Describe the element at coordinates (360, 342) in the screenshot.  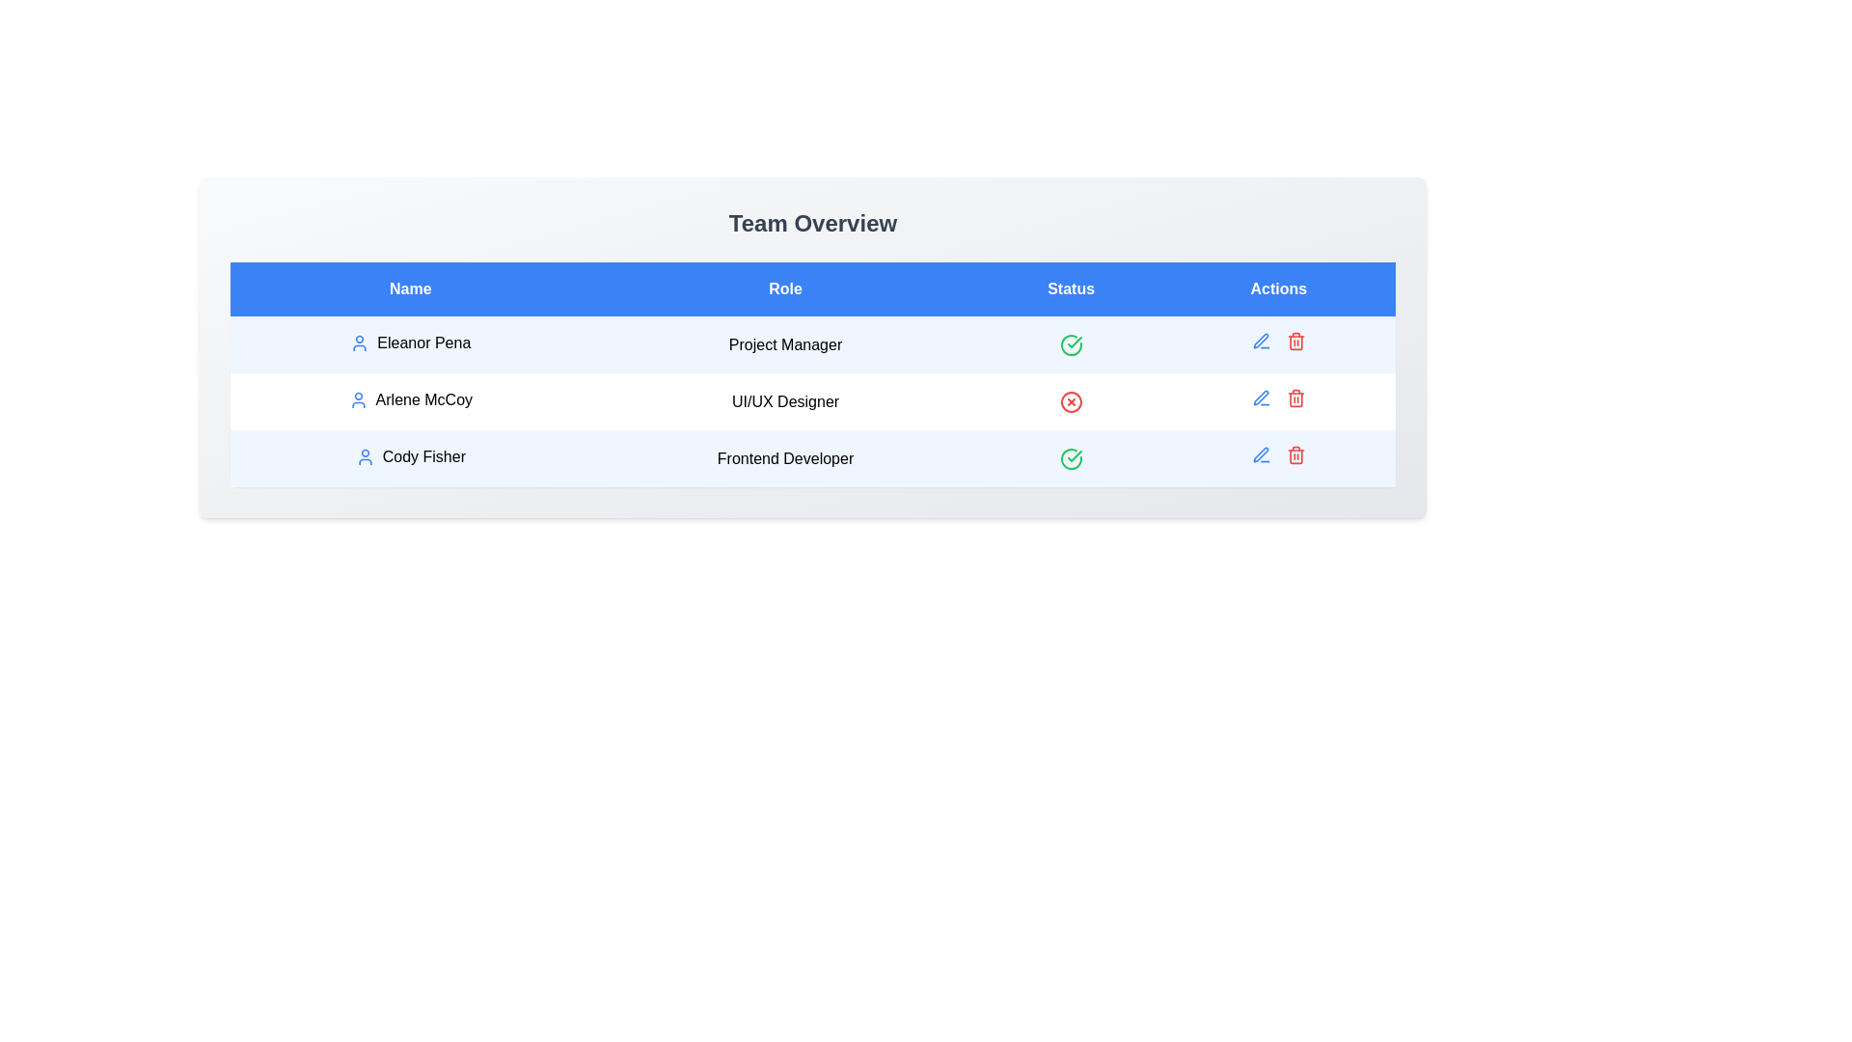
I see `the user profile icon representing 'Eleanor Pena', located in the first row of the table under the 'Name' column` at that location.